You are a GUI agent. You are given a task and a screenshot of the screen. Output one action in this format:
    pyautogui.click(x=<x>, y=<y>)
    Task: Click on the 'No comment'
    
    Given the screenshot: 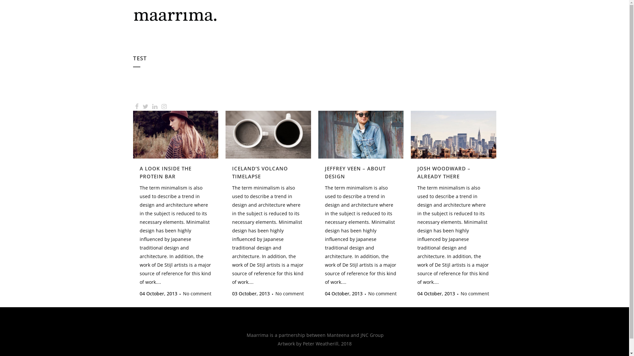 What is the action you would take?
    pyautogui.click(x=196, y=293)
    